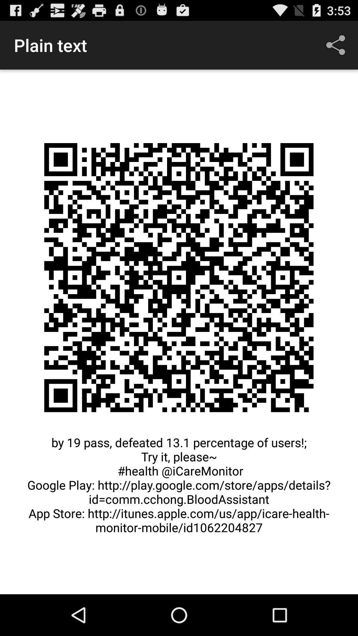  Describe the element at coordinates (179, 488) in the screenshot. I see `item at the bottom` at that location.